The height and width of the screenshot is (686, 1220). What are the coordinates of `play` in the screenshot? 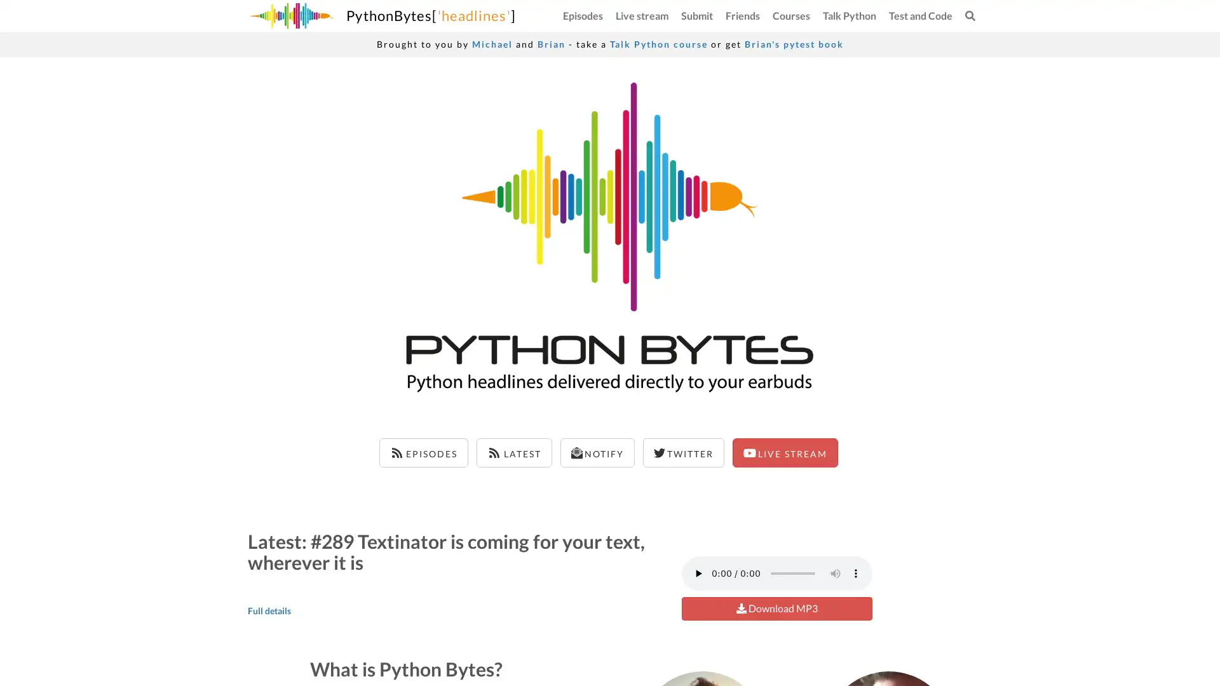 It's located at (697, 573).